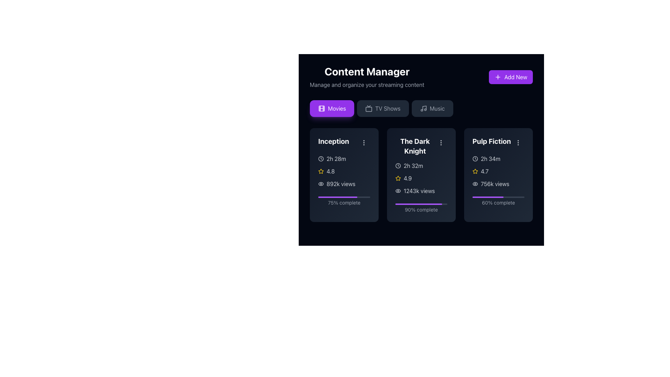 This screenshot has height=377, width=670. Describe the element at coordinates (398, 165) in the screenshot. I see `the clock icon located at the top-left corner of the 'The Dark Knight' card, which features a circular outline and a clock hand pointing towards a specific time` at that location.